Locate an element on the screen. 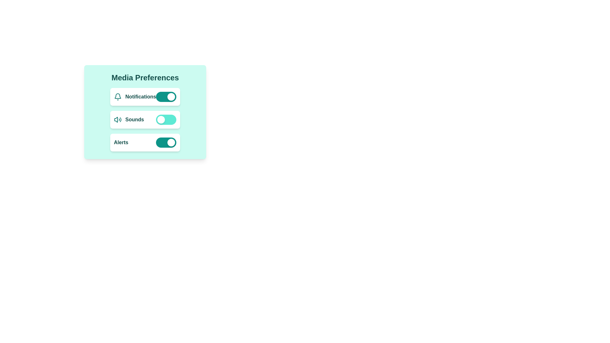 Image resolution: width=610 pixels, height=343 pixels. text contained within the teal-colored rectangular card with rounded corners that holds interactive settings for media preferences such as notifications, sounds, and alerts is located at coordinates (145, 112).